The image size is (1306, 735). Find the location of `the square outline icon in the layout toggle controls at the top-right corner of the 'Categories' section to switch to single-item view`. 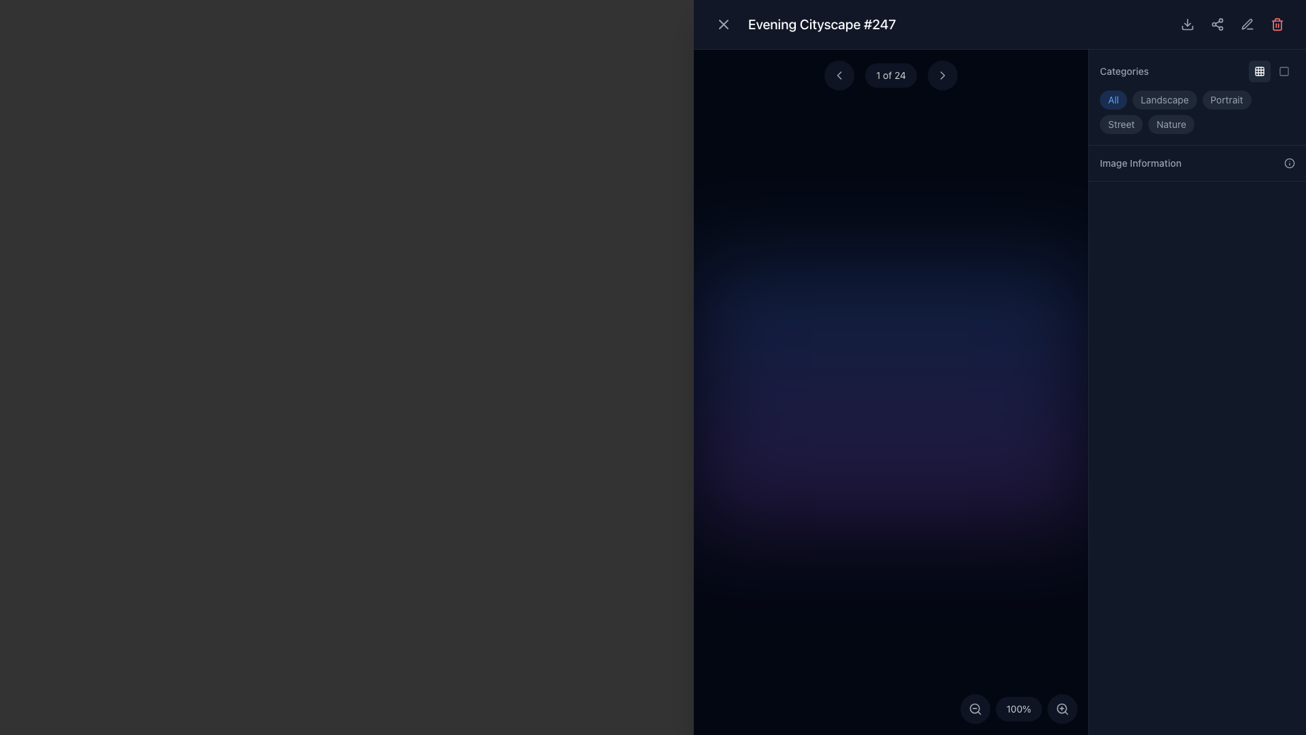

the square outline icon in the layout toggle controls at the top-right corner of the 'Categories' section to switch to single-item view is located at coordinates (1271, 71).